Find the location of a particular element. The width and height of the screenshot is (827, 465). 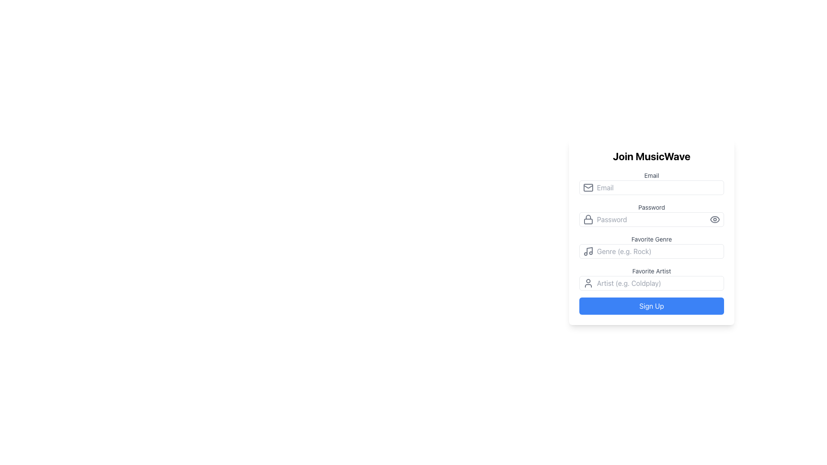

the icon located to the left of the 'Artist' input field in the 'Favorite Artist' section of the form, which assists users in identifying the purpose of the adjacent input field is located at coordinates (588, 283).